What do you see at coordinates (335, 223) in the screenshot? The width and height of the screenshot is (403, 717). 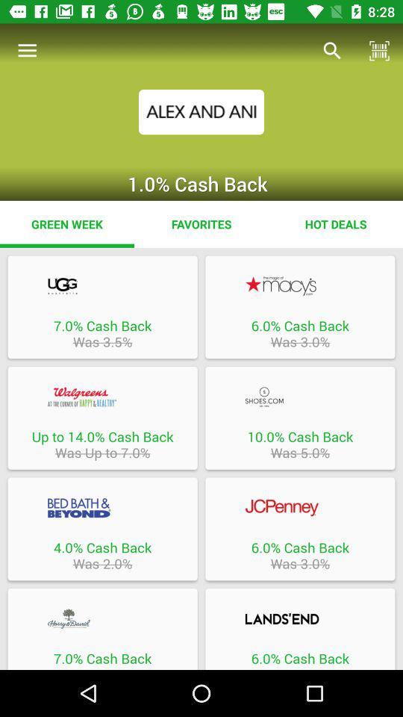 I see `hot deals icon` at bounding box center [335, 223].